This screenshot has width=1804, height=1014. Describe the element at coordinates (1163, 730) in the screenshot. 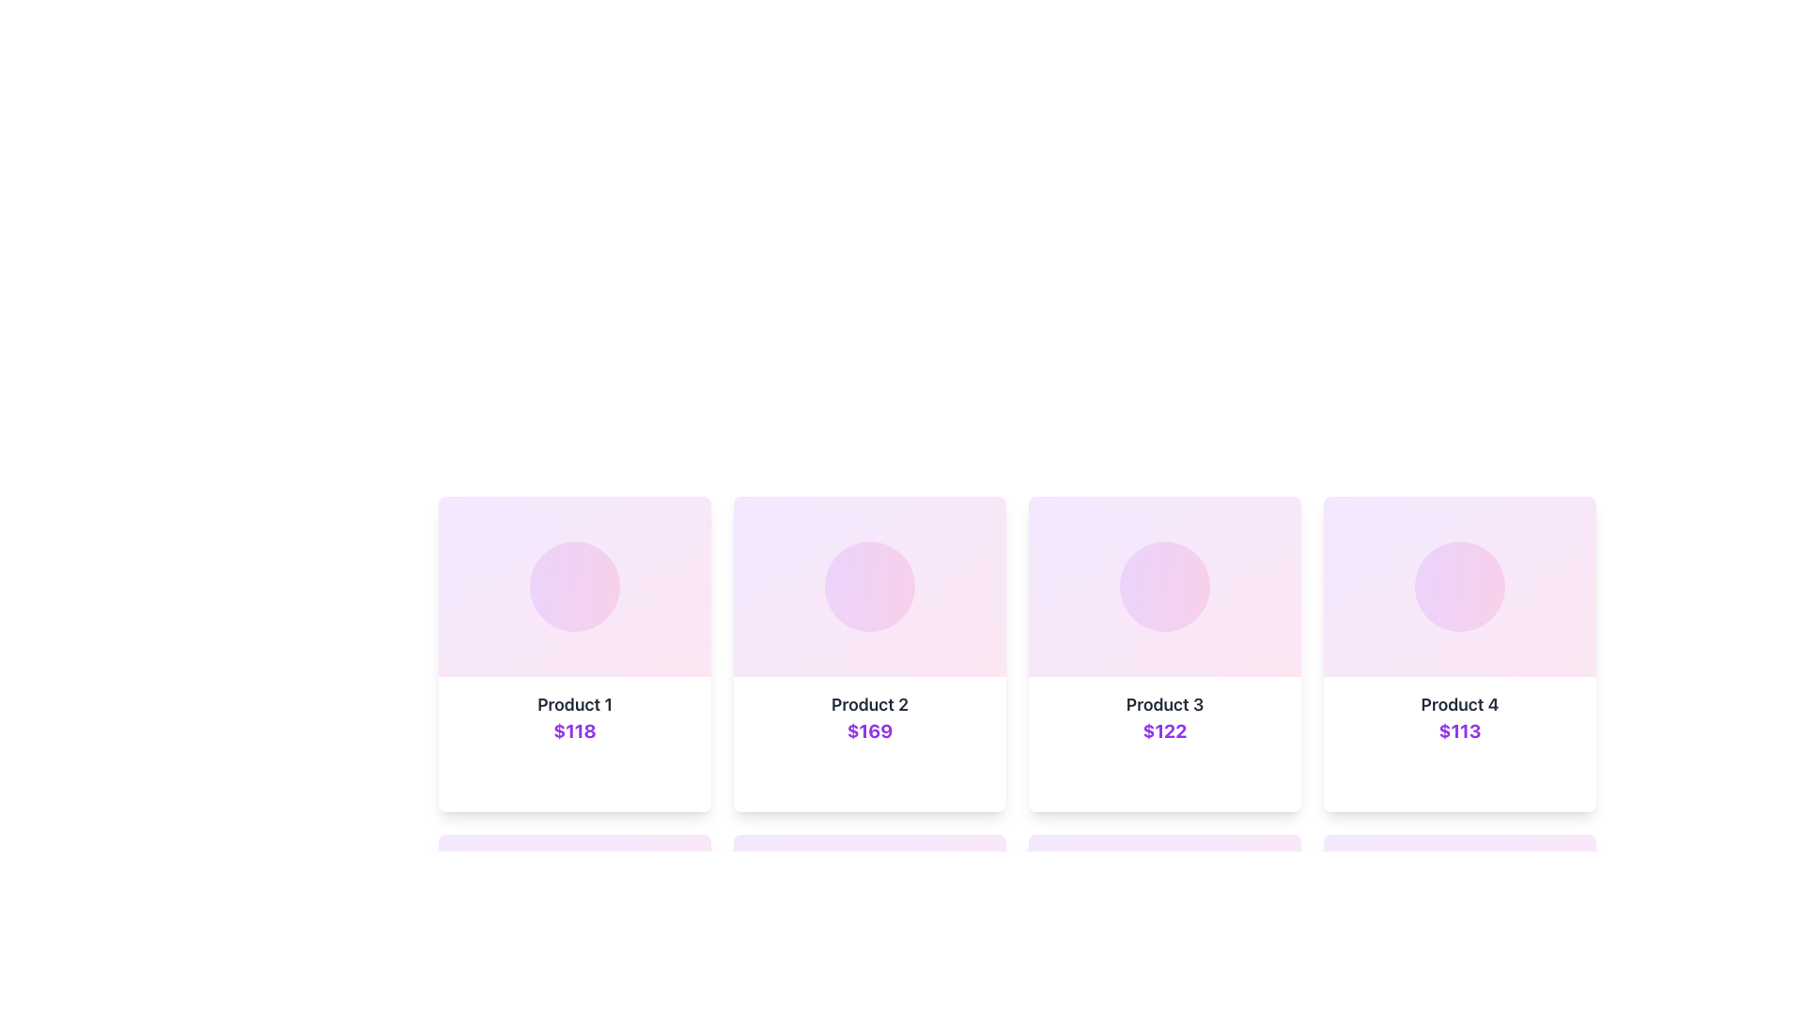

I see `the text display element that shows the price of 'Product 3', which is centered horizontally in the third column of a four-column grid layout, located directly below the text 'Product 3'` at that location.